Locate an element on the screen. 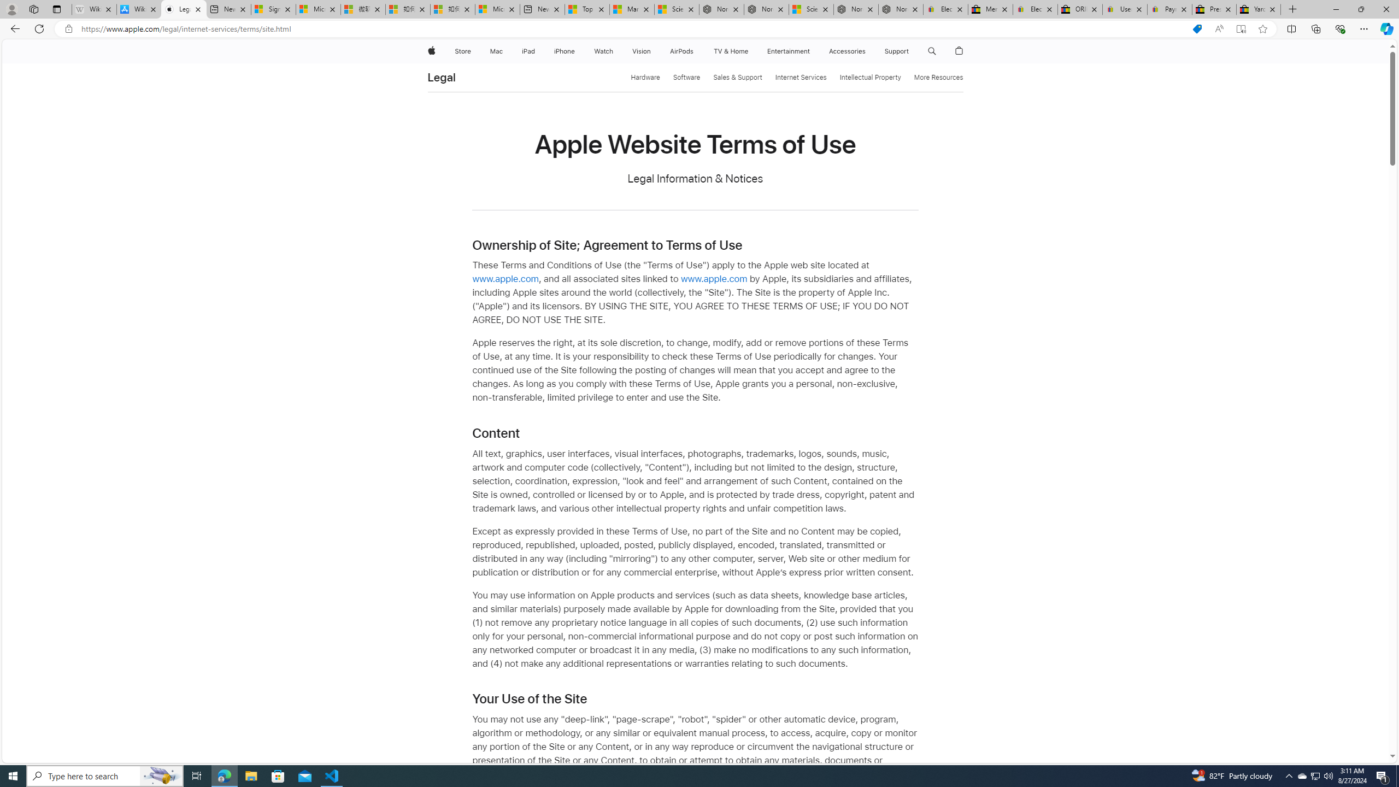 The height and width of the screenshot is (787, 1399). 'Mac' is located at coordinates (495, 51).